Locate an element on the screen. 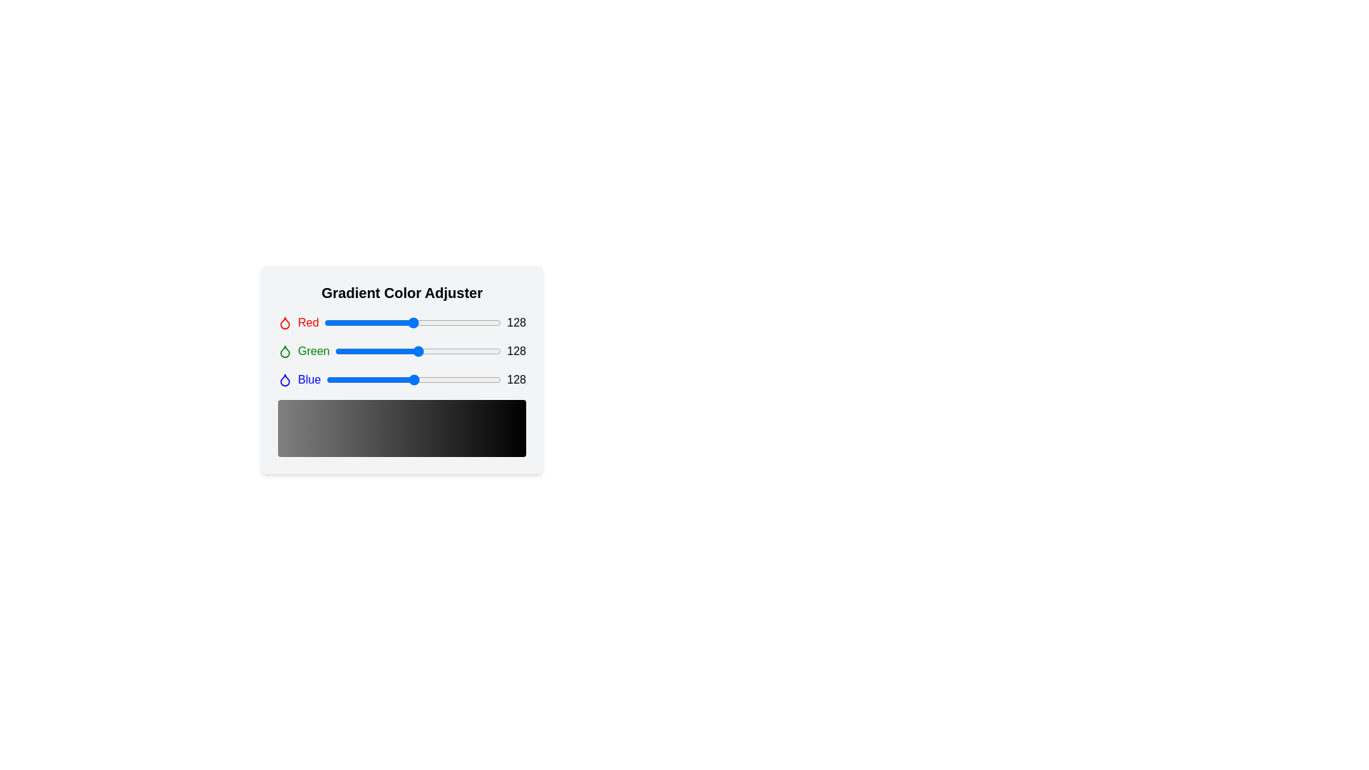 Image resolution: width=1369 pixels, height=770 pixels. the blue color slider to 74 is located at coordinates (377, 379).